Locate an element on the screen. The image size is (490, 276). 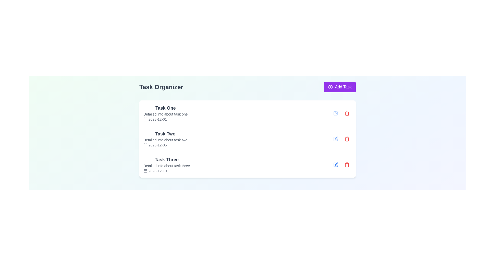
SVG graphic representing the calendar icon located in the second task entry labeled 'Task Two', positioned to the left of the date '2023-12-05' is located at coordinates (145, 145).